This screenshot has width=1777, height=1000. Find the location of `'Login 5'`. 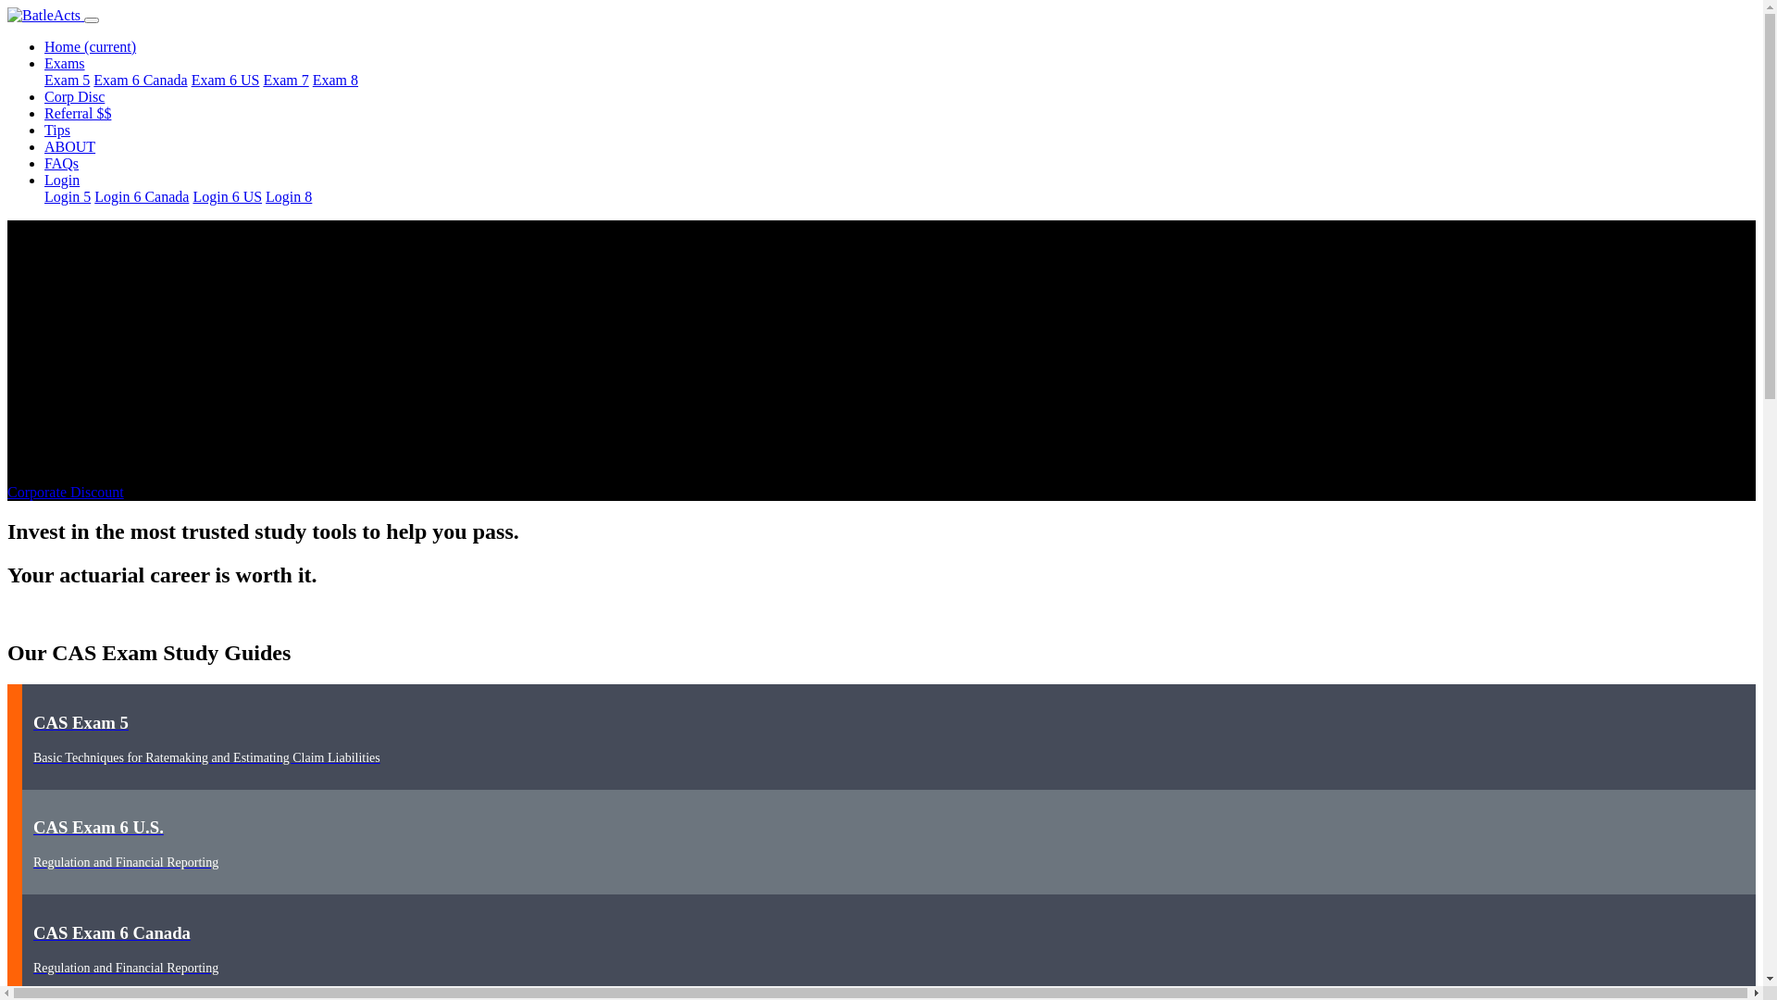

'Login 5' is located at coordinates (67, 196).